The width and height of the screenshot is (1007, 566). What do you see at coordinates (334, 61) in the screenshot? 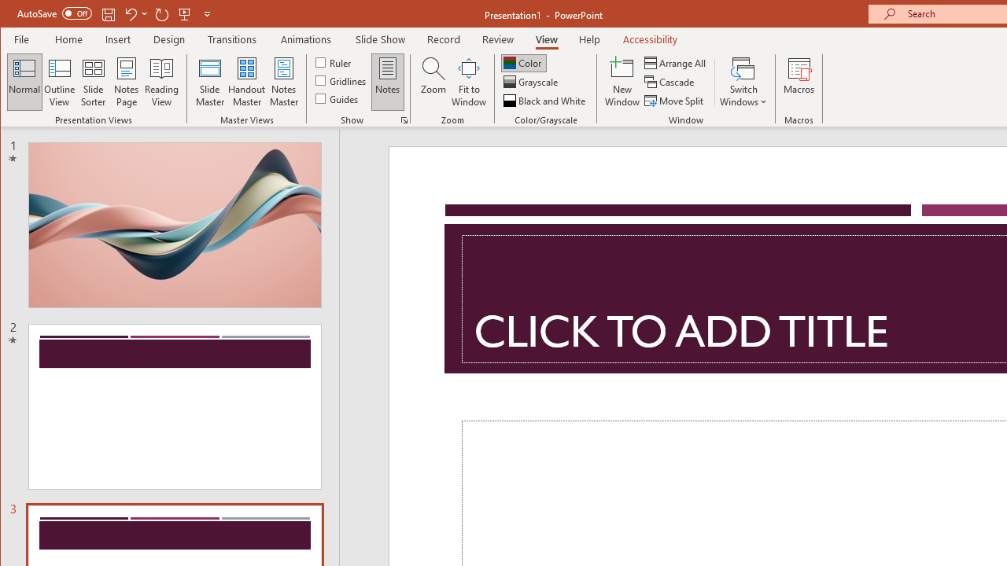
I see `'Ruler'` at bounding box center [334, 61].